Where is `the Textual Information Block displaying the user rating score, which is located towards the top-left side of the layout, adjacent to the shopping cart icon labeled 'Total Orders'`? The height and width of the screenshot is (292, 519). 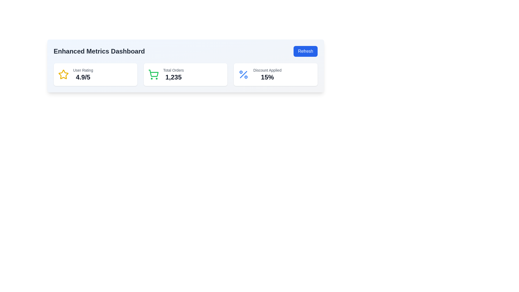
the Textual Information Block displaying the user rating score, which is located towards the top-left side of the layout, adjacent to the shopping cart icon labeled 'Total Orders' is located at coordinates (83, 75).